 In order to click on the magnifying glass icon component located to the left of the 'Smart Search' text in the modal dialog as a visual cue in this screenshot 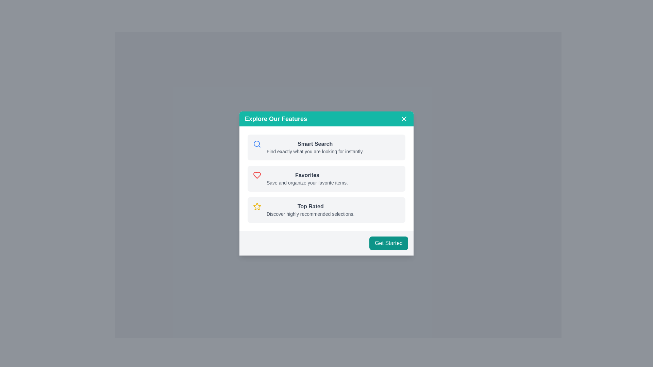, I will do `click(256, 143)`.